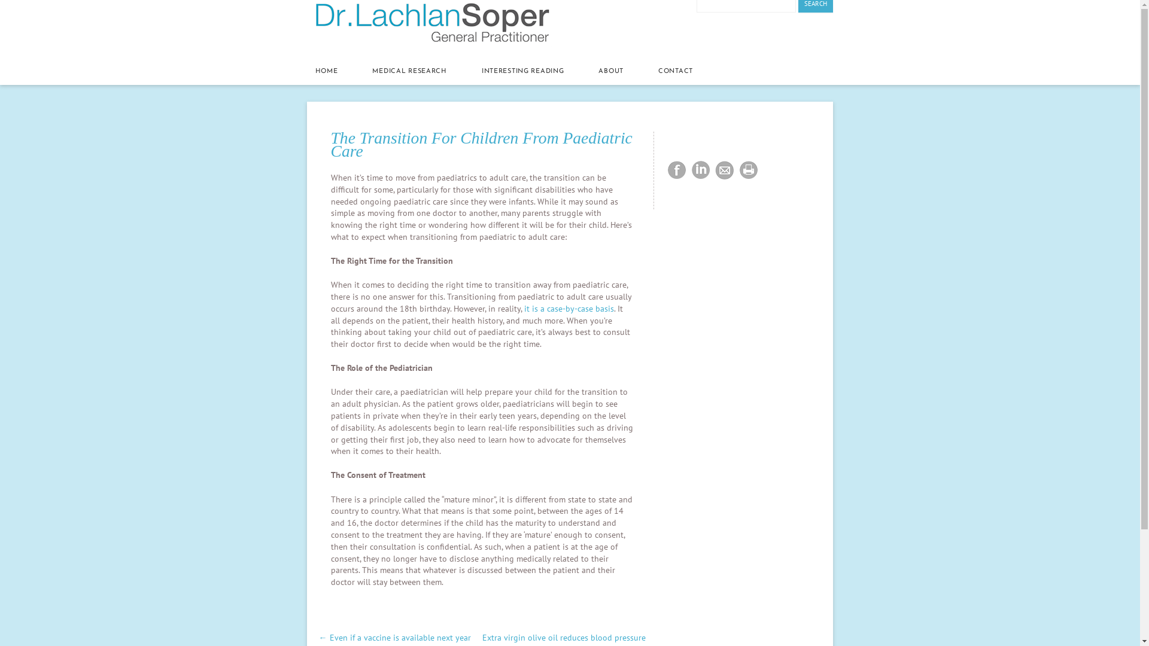 The width and height of the screenshot is (1149, 646). Describe the element at coordinates (307, 54) in the screenshot. I see `'Skip to content'` at that location.